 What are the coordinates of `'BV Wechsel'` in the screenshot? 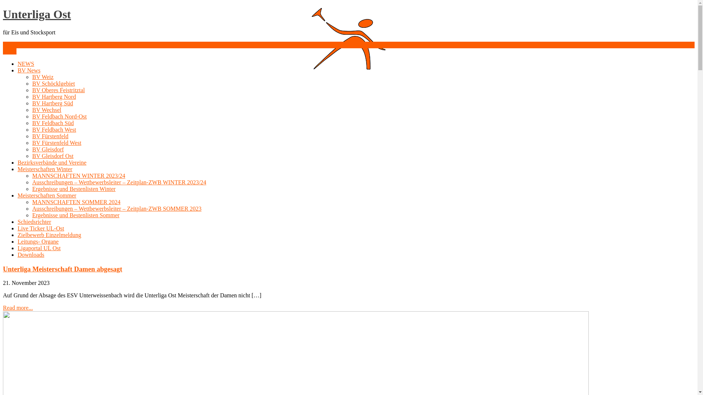 It's located at (46, 110).